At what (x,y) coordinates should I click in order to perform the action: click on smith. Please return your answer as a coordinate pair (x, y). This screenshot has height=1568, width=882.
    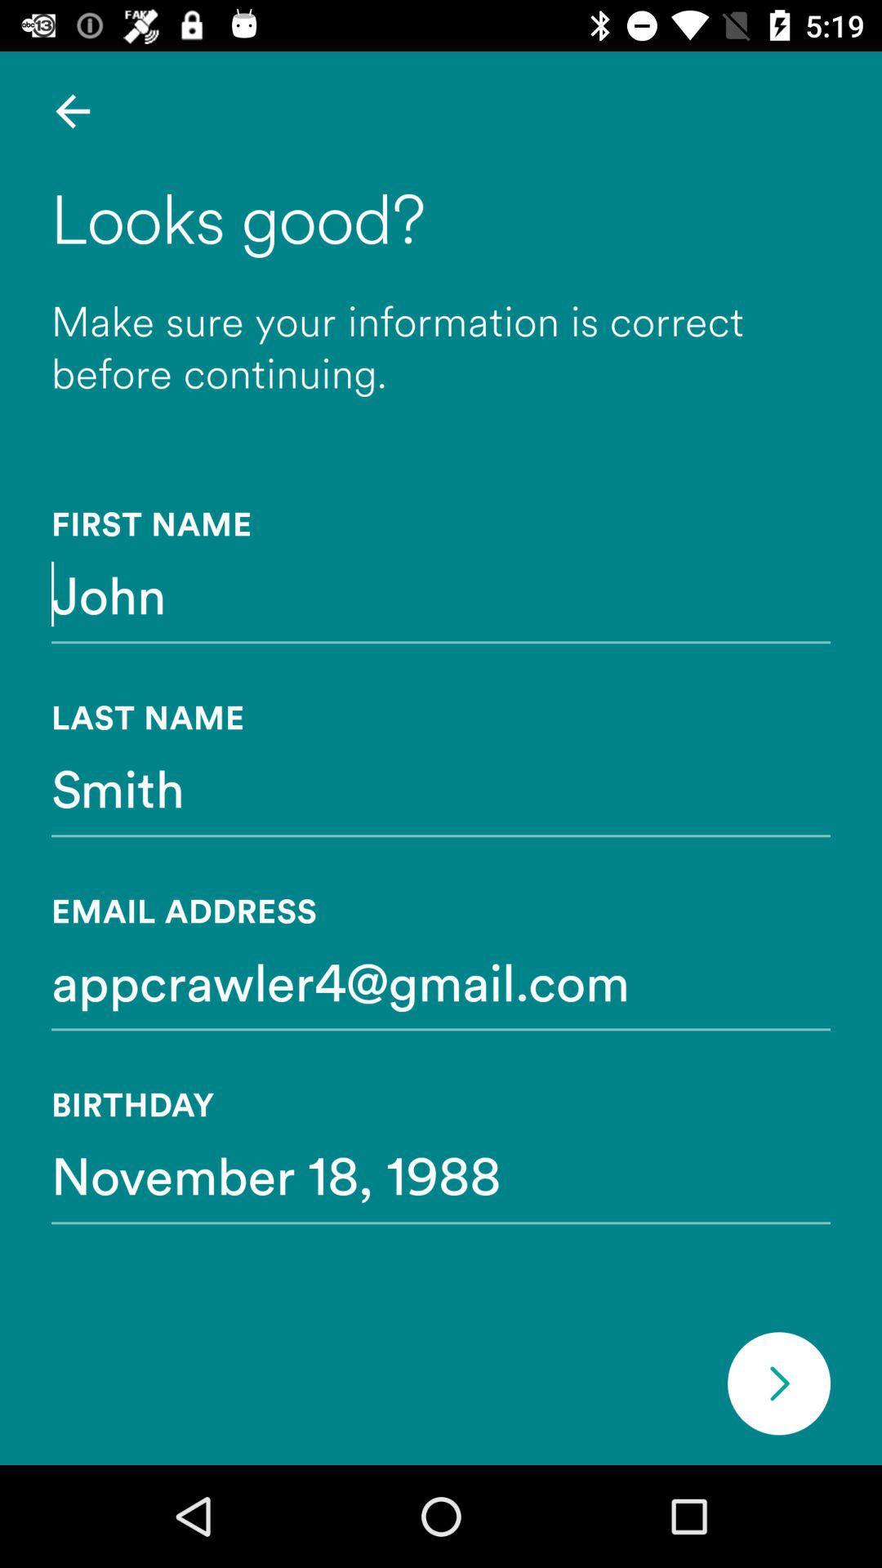
    Looking at the image, I should click on (441, 787).